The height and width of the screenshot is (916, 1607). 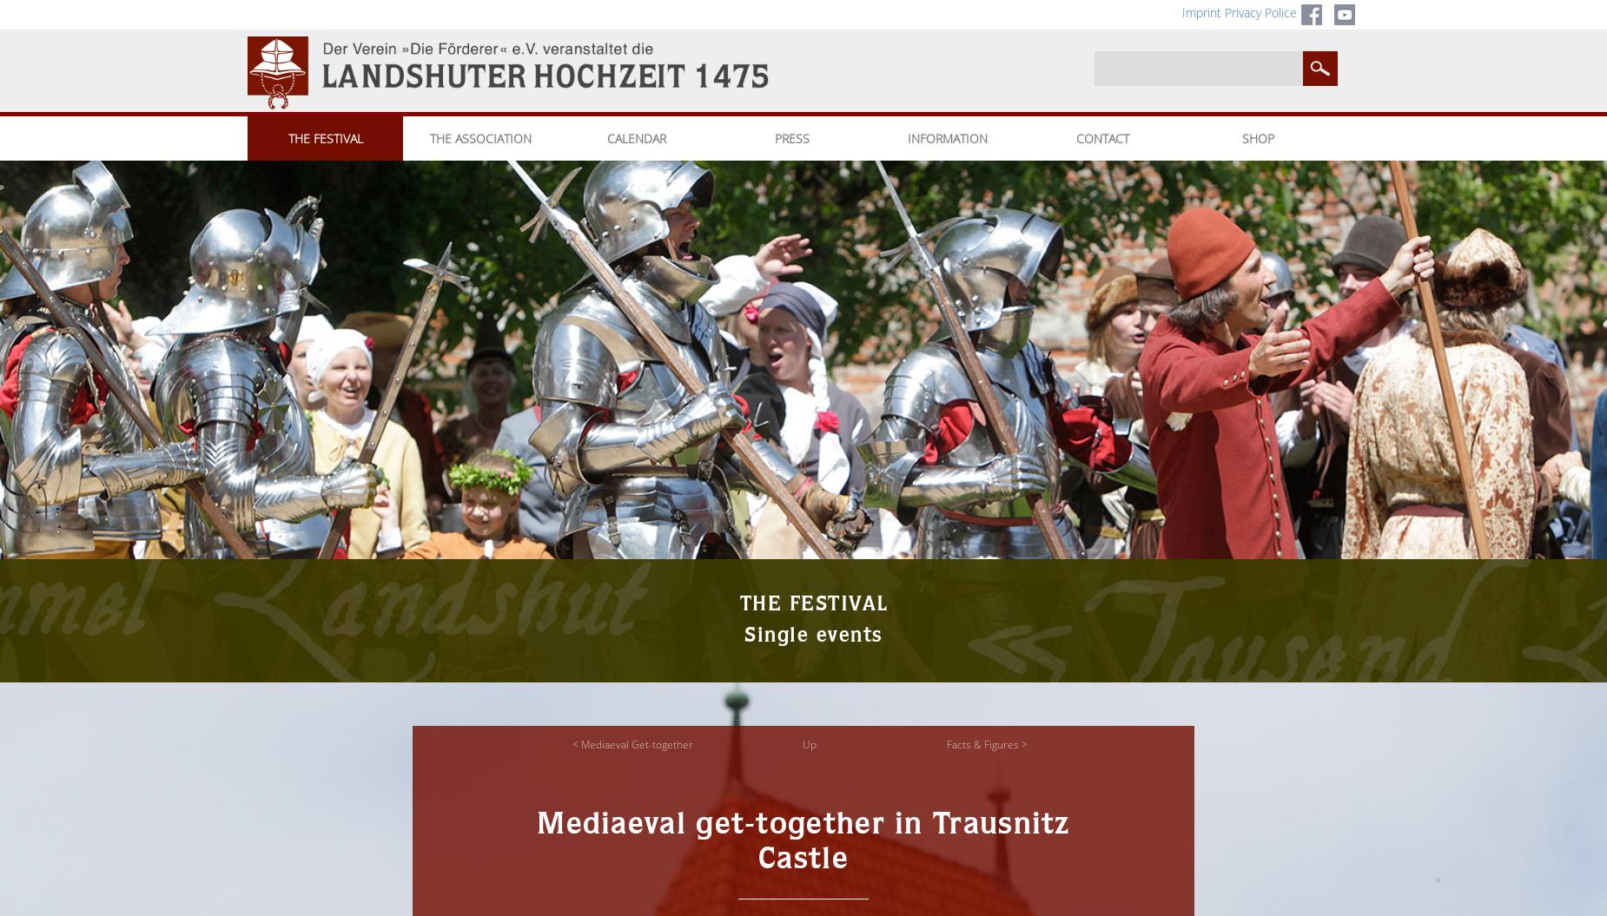 I want to click on 'Up', so click(x=809, y=744).